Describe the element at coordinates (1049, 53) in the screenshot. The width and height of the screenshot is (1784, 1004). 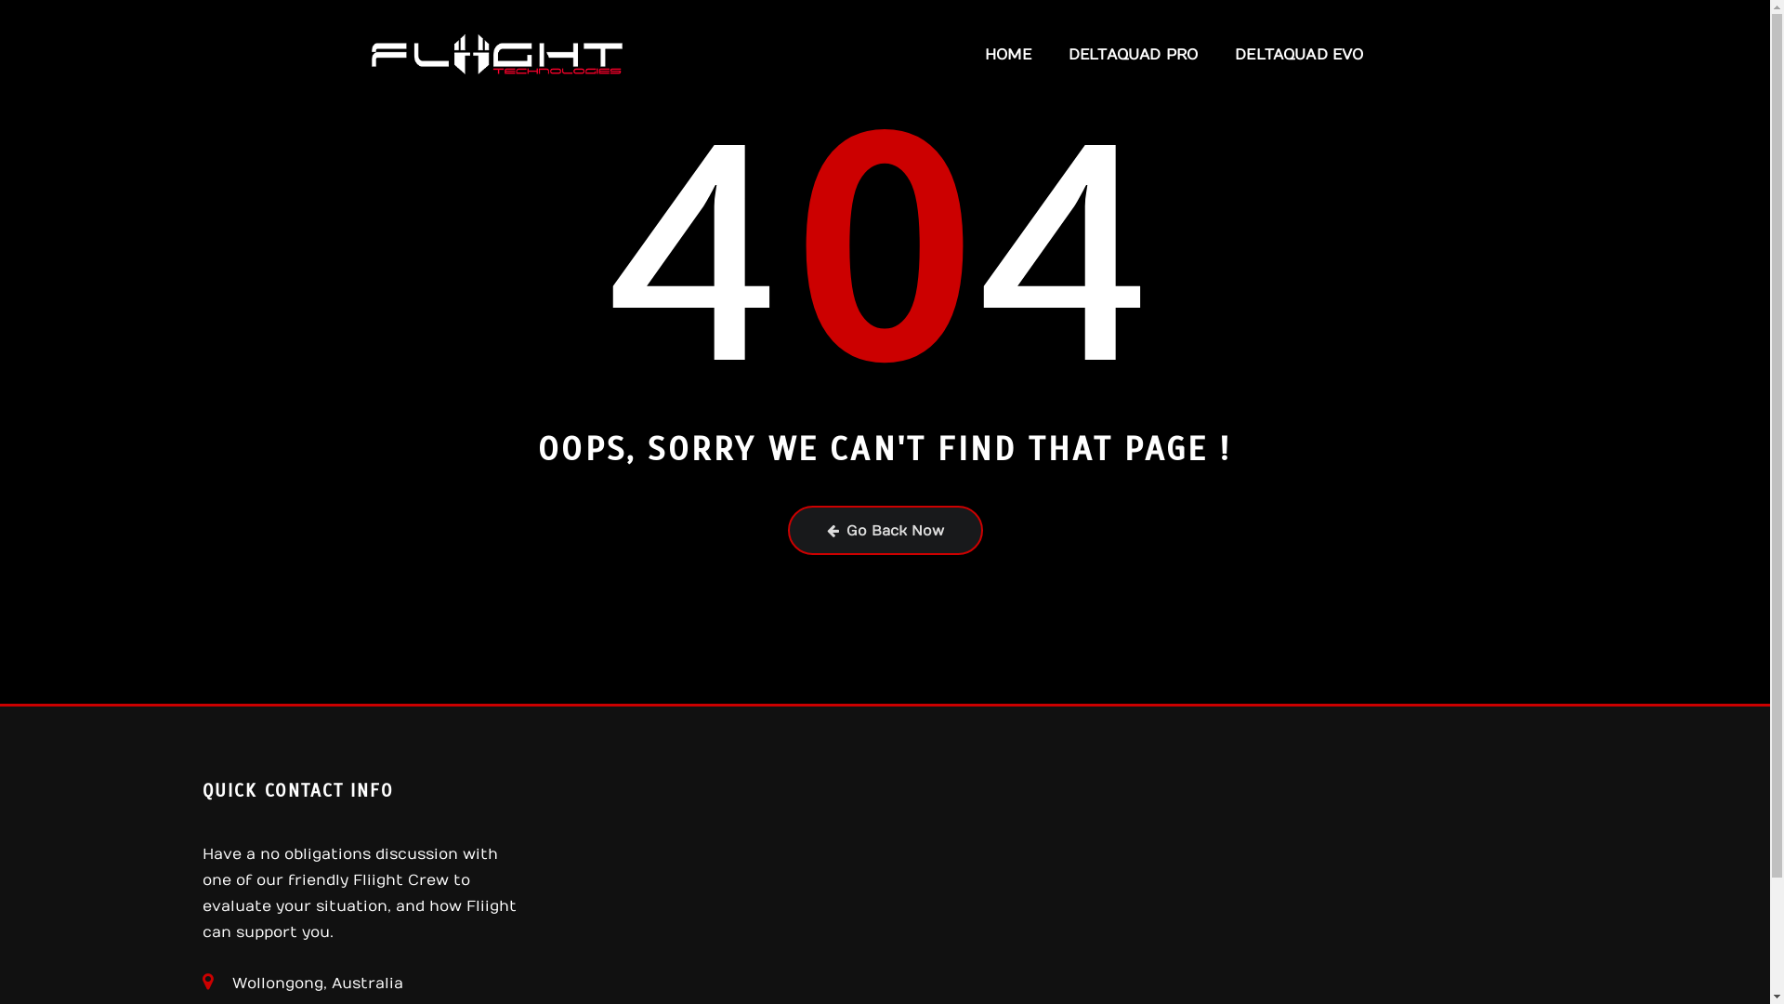
I see `'DELTAQUAD PRO'` at that location.